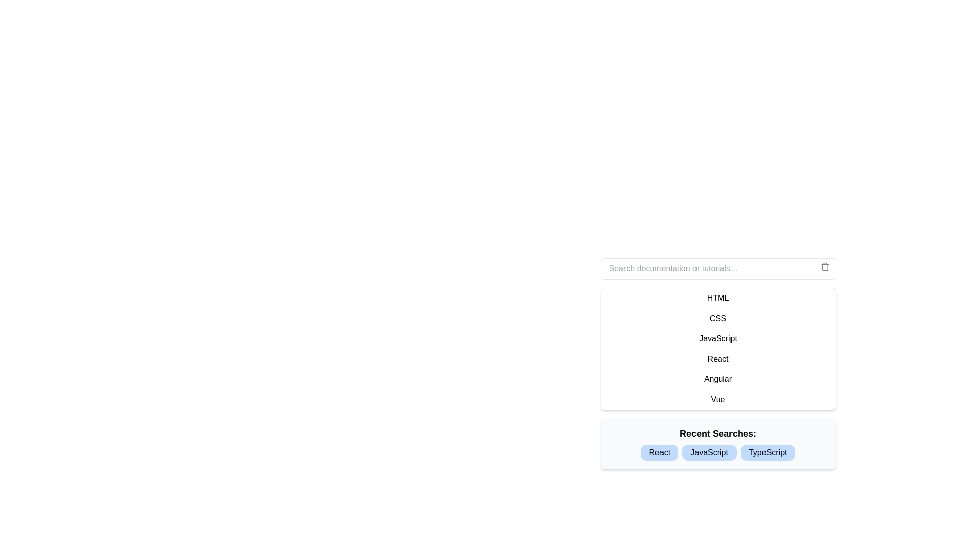 The width and height of the screenshot is (974, 547). I want to click on the 'React' option, which is the fourth item in a vertical list of six, located below 'JavaScript' and above 'Angular', so click(717, 359).